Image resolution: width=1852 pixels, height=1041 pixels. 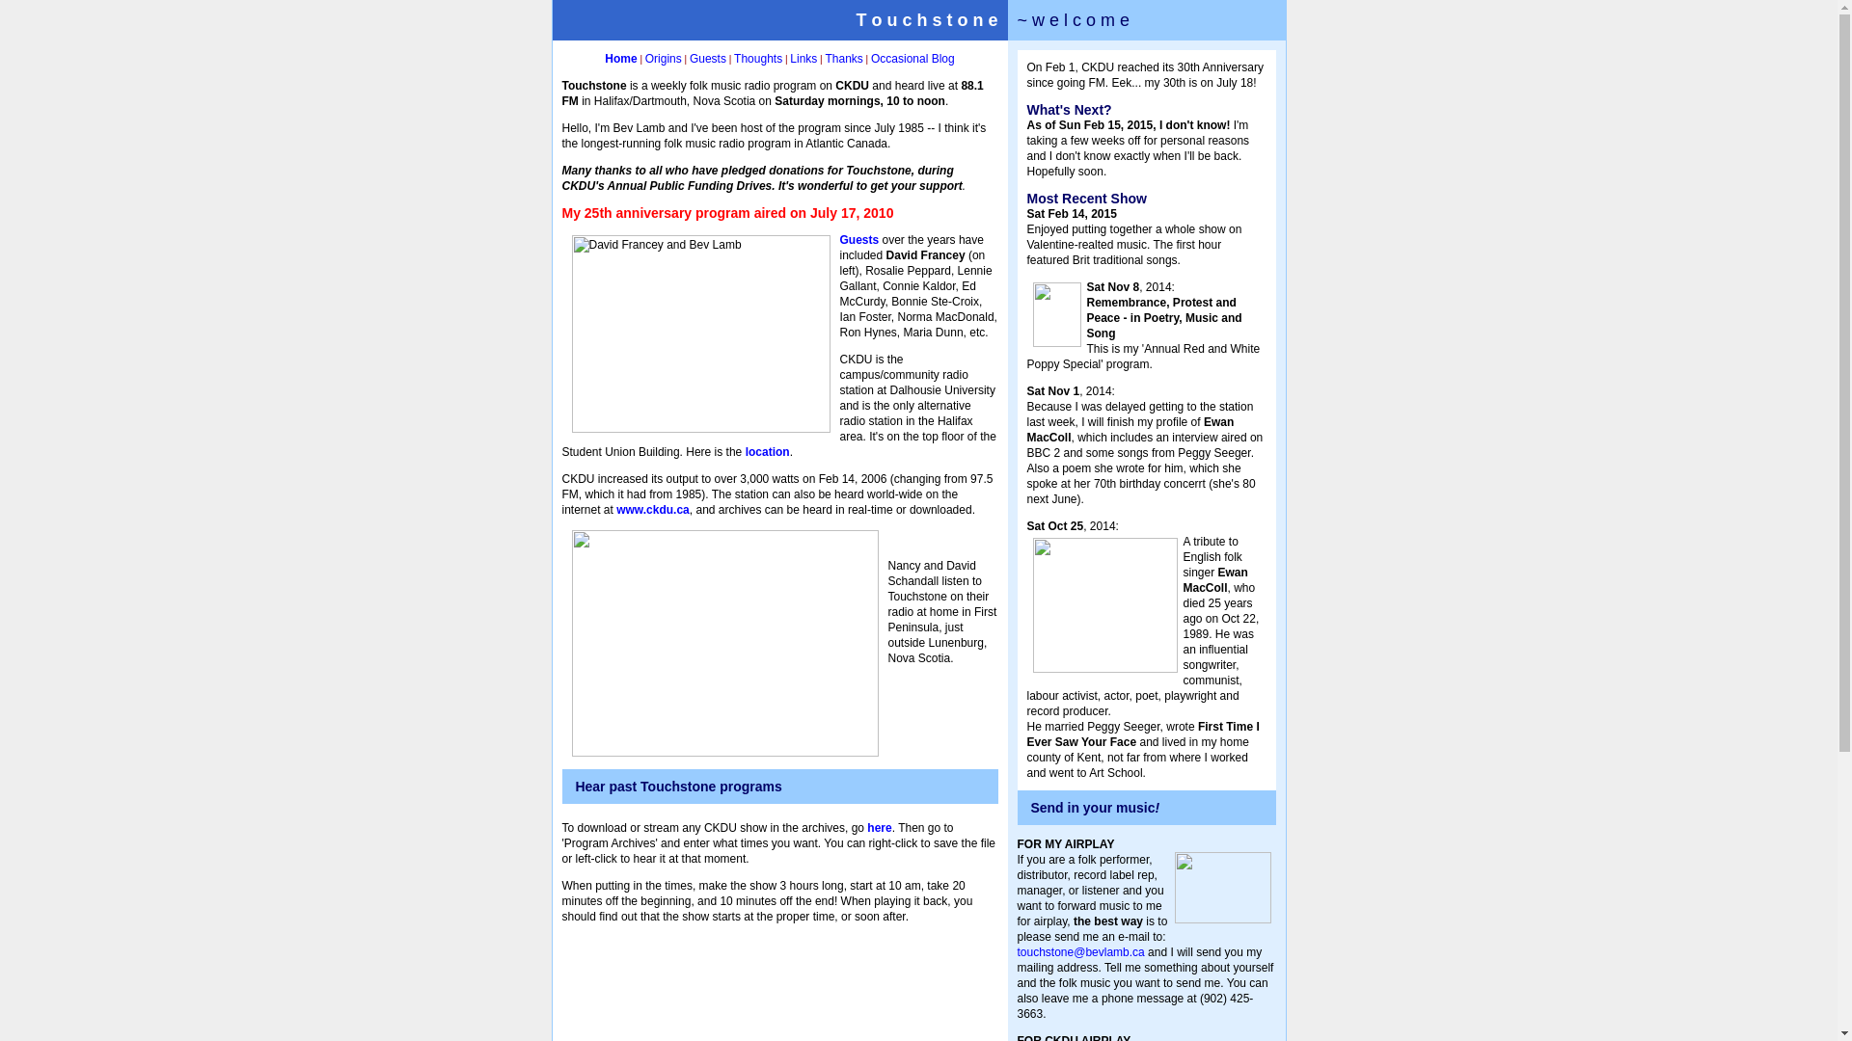 I want to click on 'Links', so click(x=803, y=58).